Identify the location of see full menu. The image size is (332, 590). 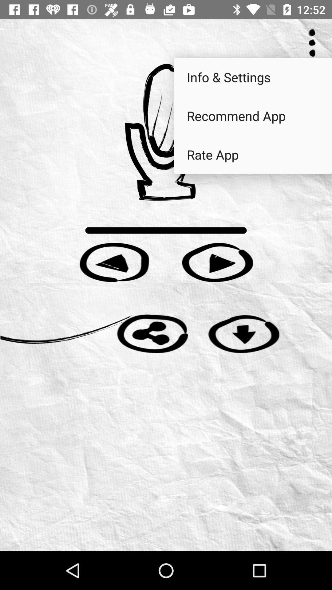
(312, 43).